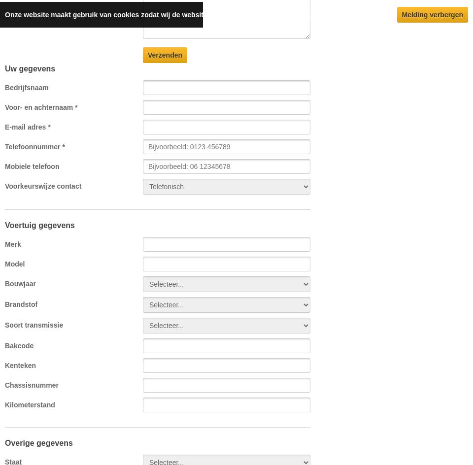  I want to click on 'Model', so click(14, 264).